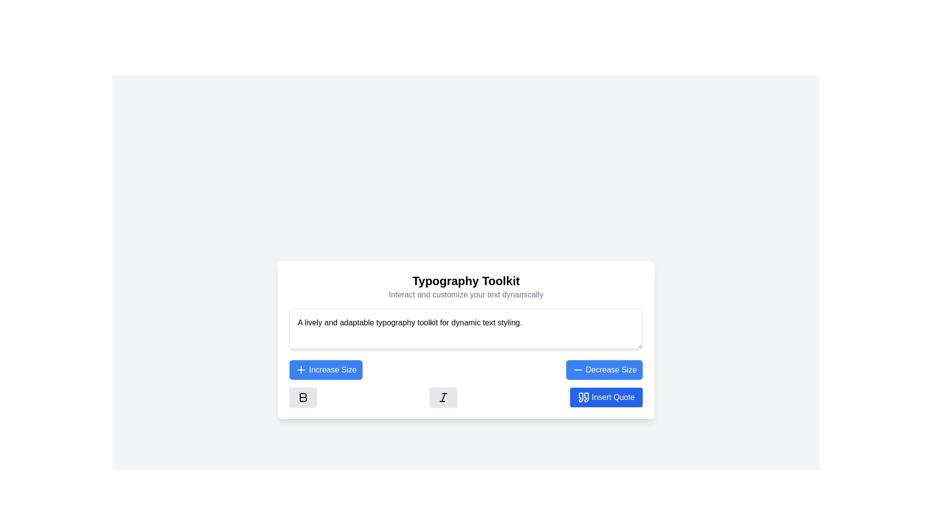  I want to click on the leftmost bold button with a gray background and a bold uppercase 'B' icon, so click(303, 397).